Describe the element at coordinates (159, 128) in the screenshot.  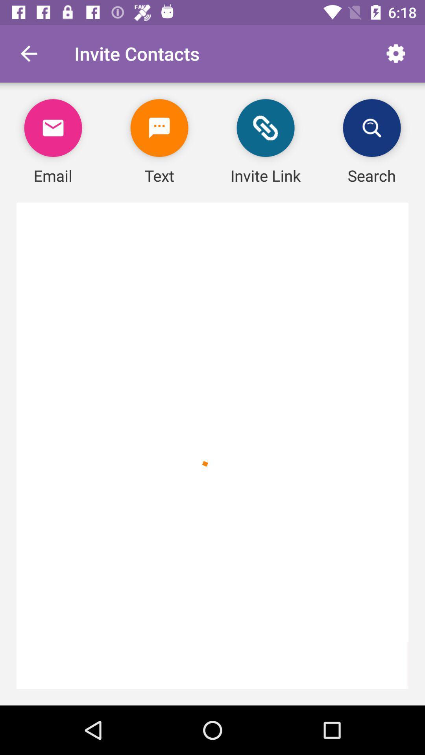
I see `the chat icon` at that location.